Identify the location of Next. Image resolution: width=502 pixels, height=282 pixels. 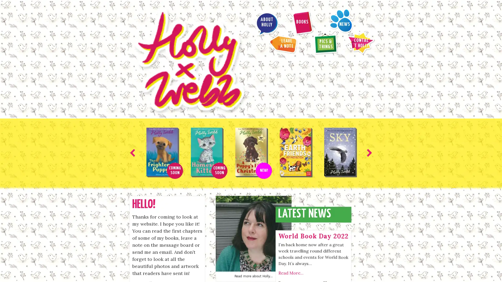
(368, 91).